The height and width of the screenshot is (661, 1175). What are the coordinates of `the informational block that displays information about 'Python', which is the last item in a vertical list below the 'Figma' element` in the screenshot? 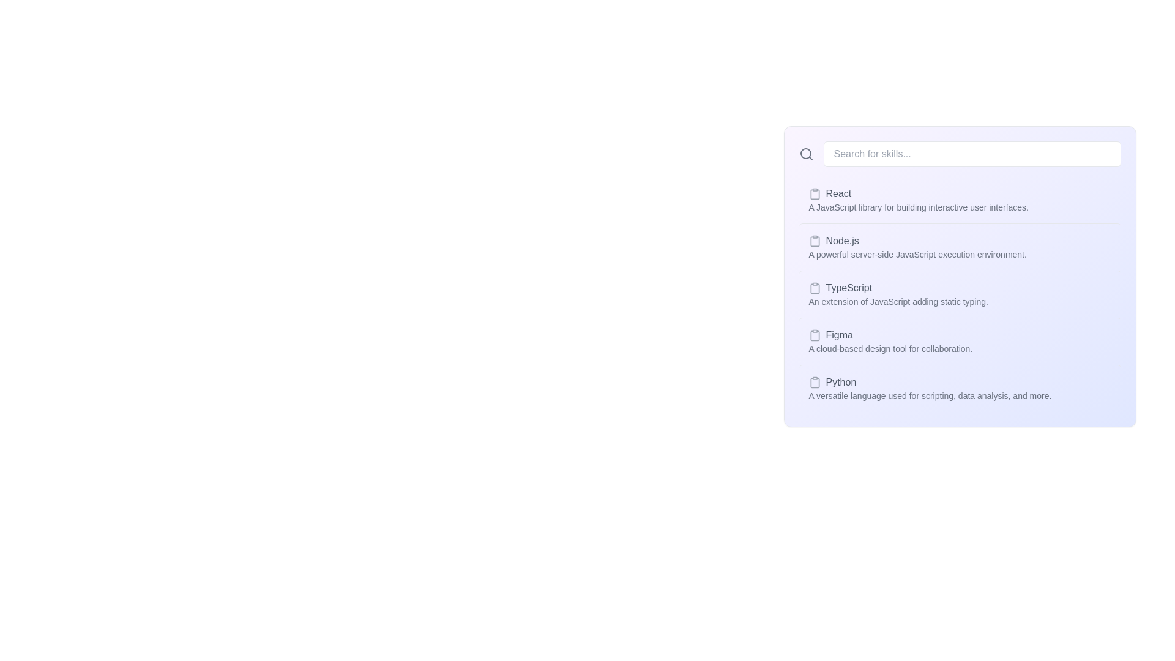 It's located at (930, 389).